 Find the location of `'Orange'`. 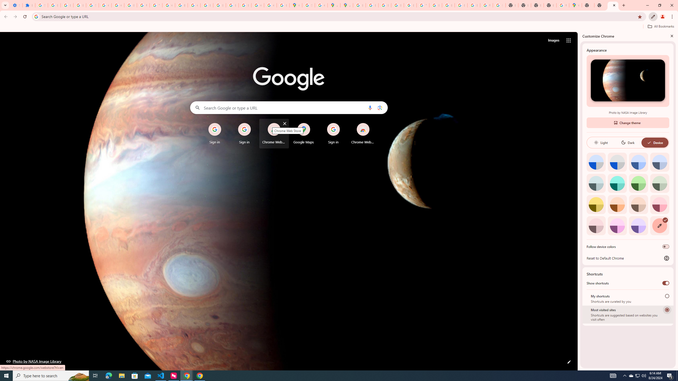

'Orange' is located at coordinates (617, 204).